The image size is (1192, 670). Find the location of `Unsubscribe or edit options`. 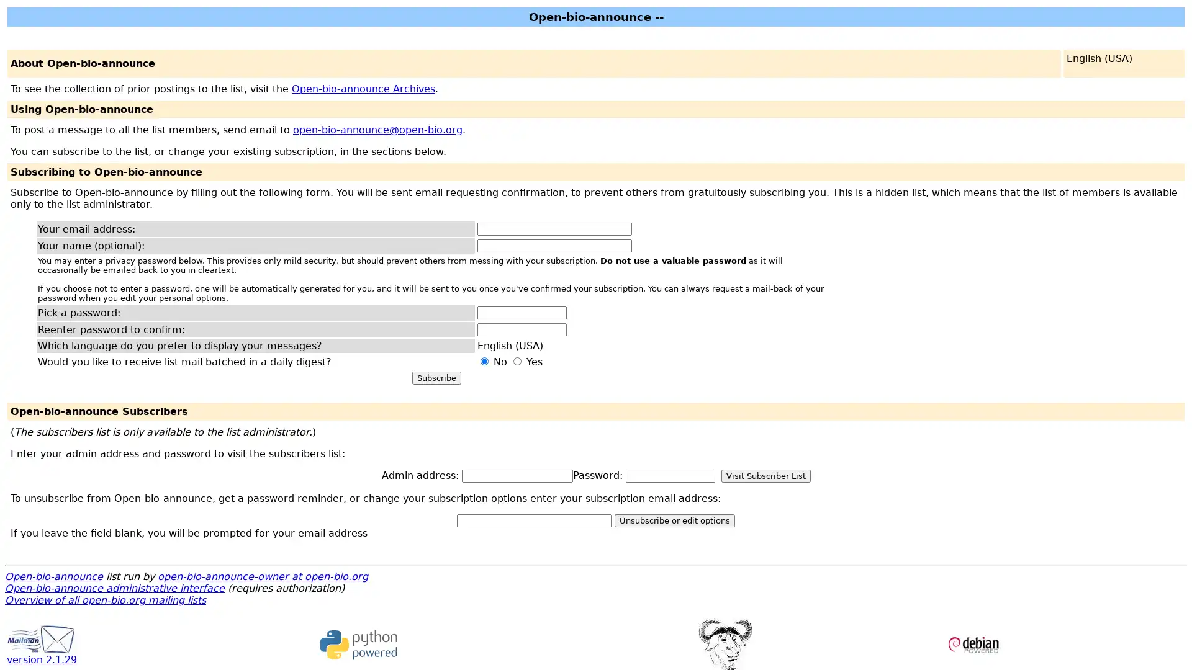

Unsubscribe or edit options is located at coordinates (674, 520).